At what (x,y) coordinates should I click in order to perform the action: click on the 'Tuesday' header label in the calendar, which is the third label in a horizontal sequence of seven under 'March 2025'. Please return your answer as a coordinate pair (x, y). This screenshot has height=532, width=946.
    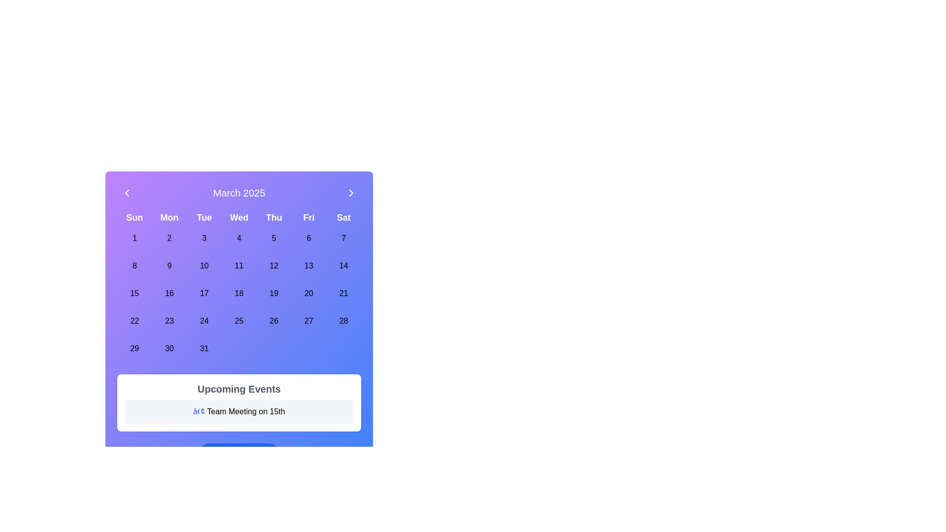
    Looking at the image, I should click on (203, 217).